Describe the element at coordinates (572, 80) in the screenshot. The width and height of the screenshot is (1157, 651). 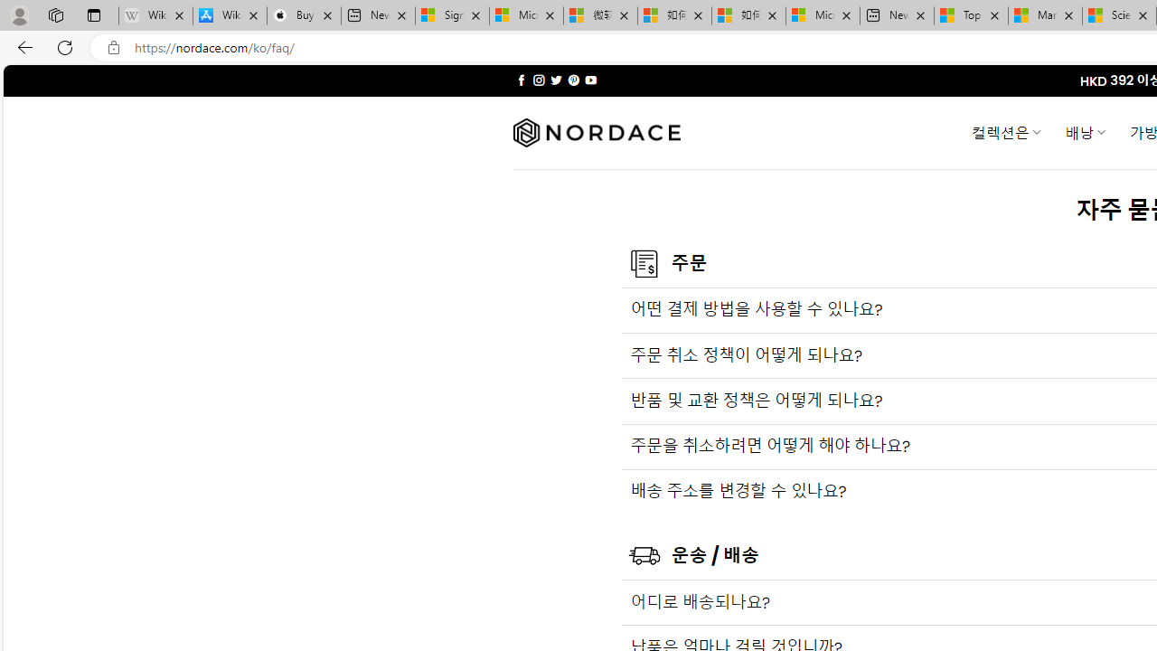
I see `'Follow on Pinterest'` at that location.